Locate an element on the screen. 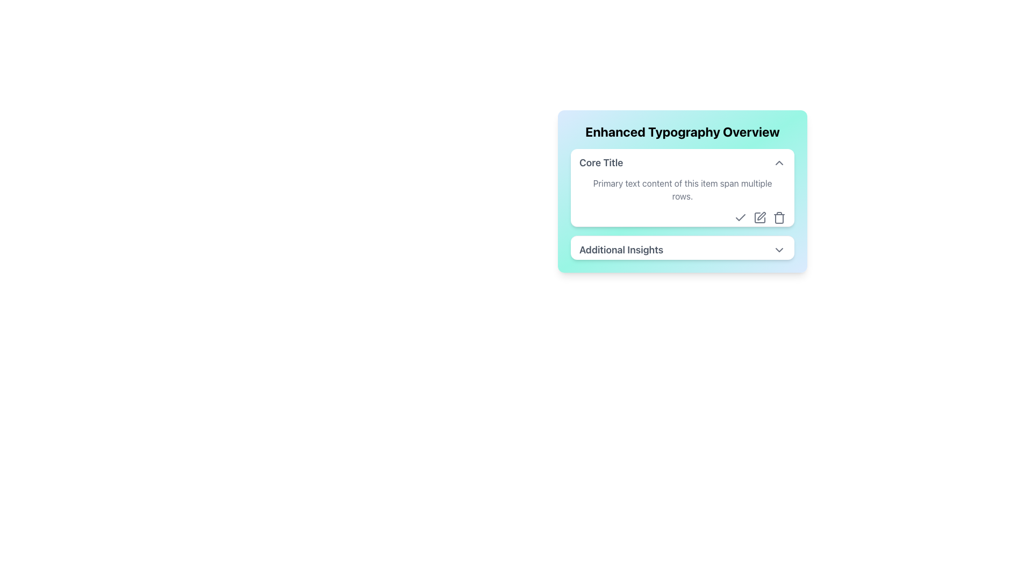  the chevron icon button to darken its color, which is located to the right of the 'Core Title' text is located at coordinates (779, 163).